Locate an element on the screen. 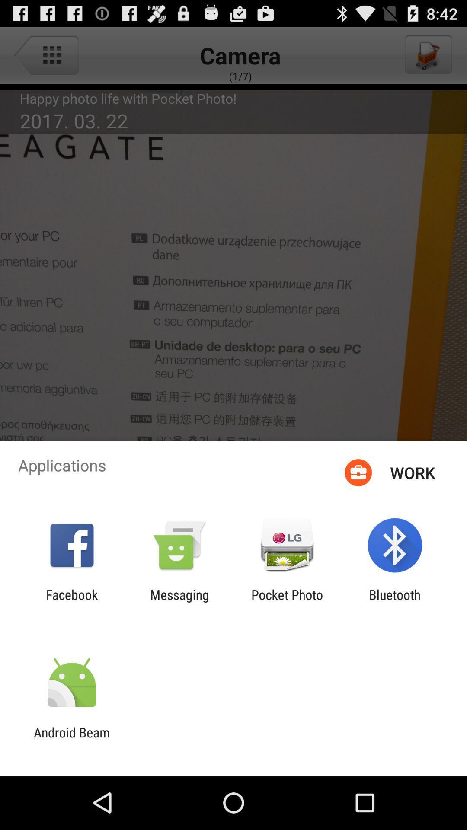 The height and width of the screenshot is (830, 467). the item next to the bluetooth is located at coordinates (287, 602).